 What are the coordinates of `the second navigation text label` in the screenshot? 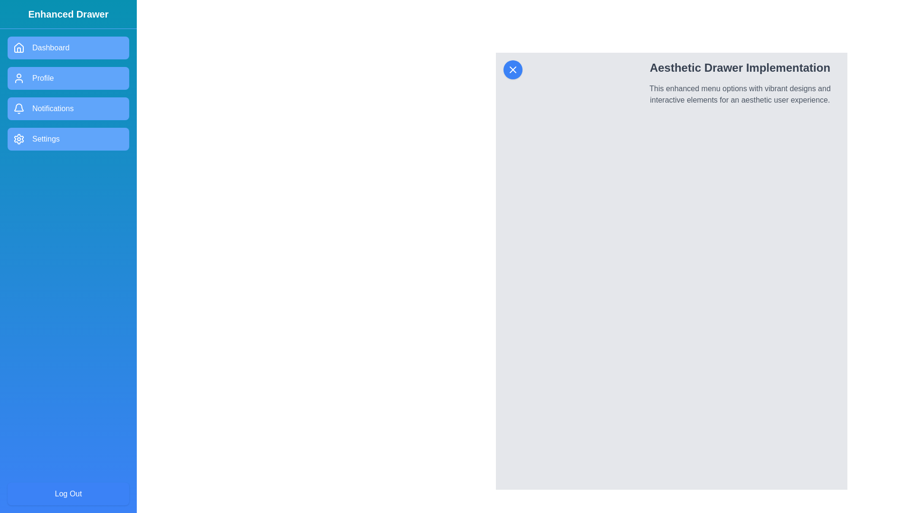 It's located at (42, 78).